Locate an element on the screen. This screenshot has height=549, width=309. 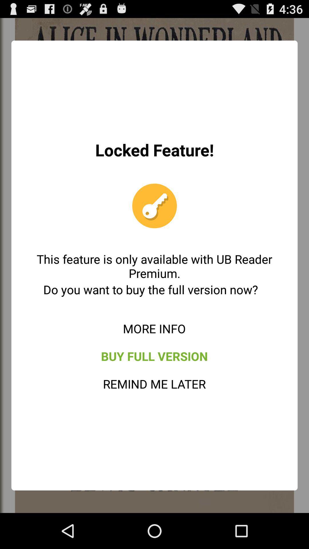
the app below buy full version is located at coordinates (154, 384).